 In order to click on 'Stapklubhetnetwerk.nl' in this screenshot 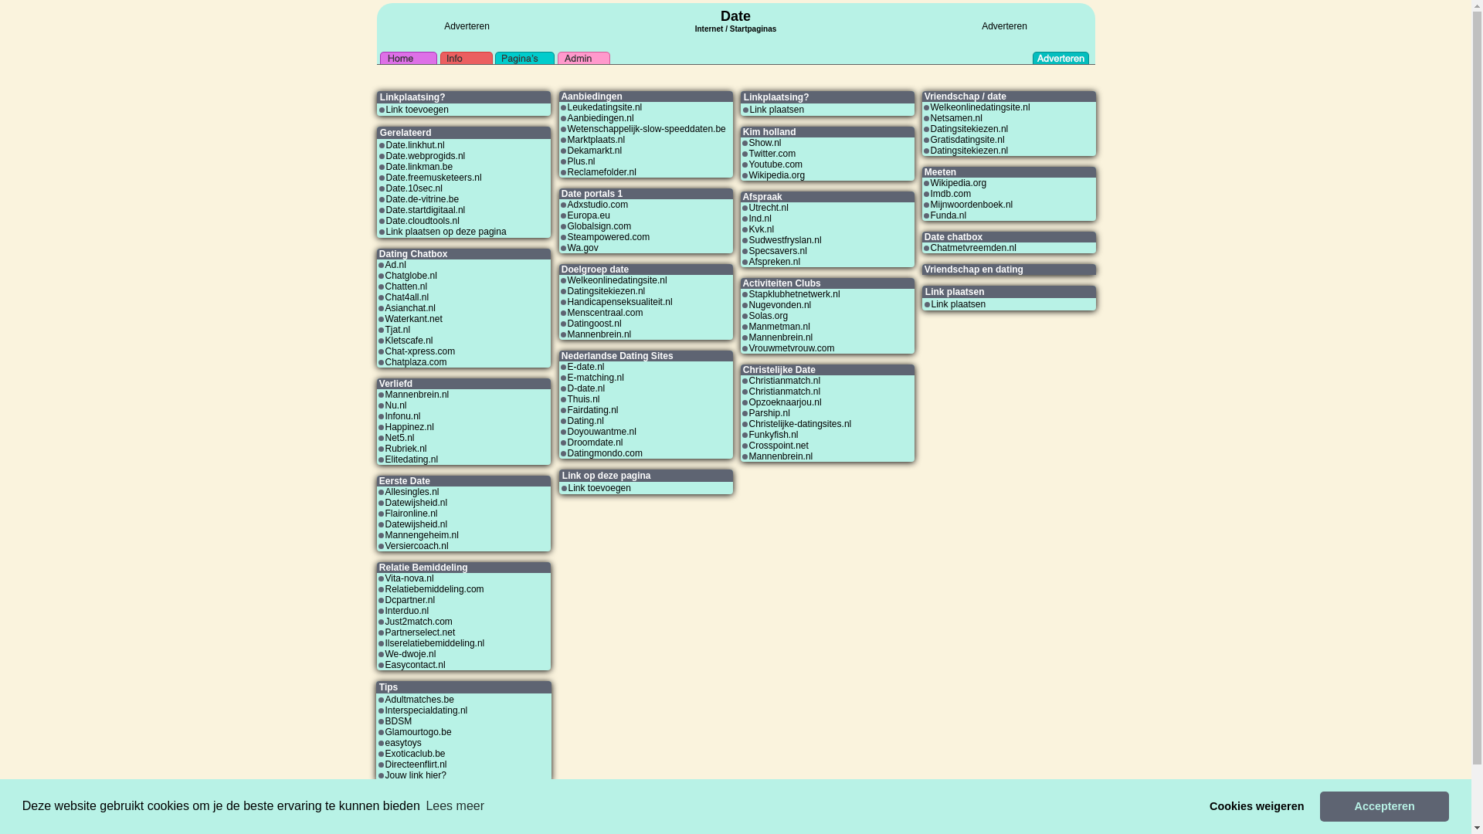, I will do `click(794, 294)`.